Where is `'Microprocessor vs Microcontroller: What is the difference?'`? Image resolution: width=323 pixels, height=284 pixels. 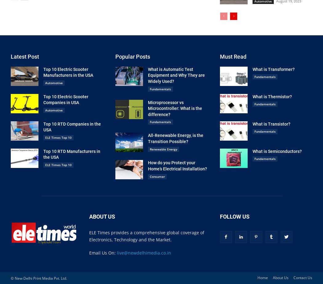
'Microprocessor vs Microcontroller: What is the difference?' is located at coordinates (174, 108).